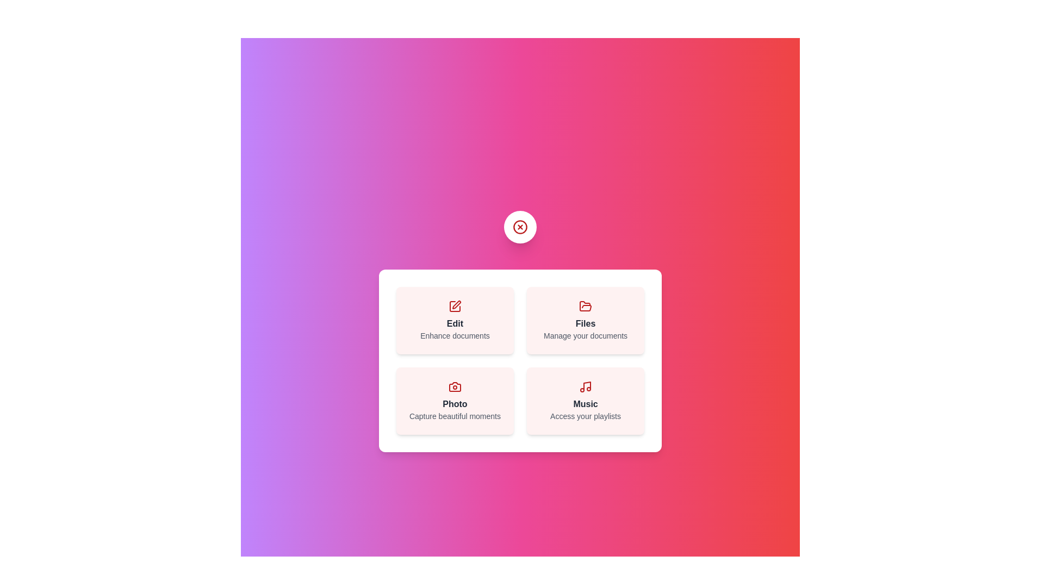 The height and width of the screenshot is (587, 1044). I want to click on the Music button to perform the corresponding action, so click(585, 401).